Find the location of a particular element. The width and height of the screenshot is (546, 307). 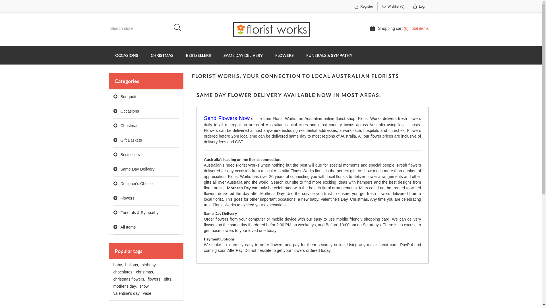

'Bestsellers' is located at coordinates (146, 155).